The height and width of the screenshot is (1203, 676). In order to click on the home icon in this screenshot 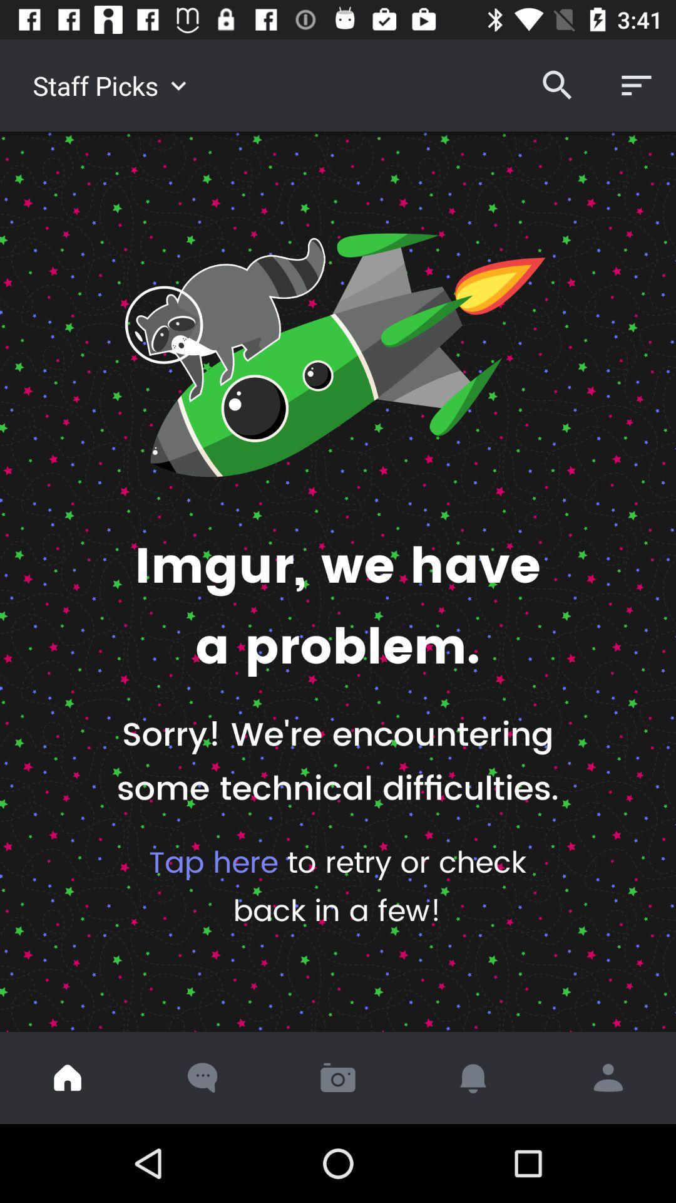, I will do `click(68, 1077)`.